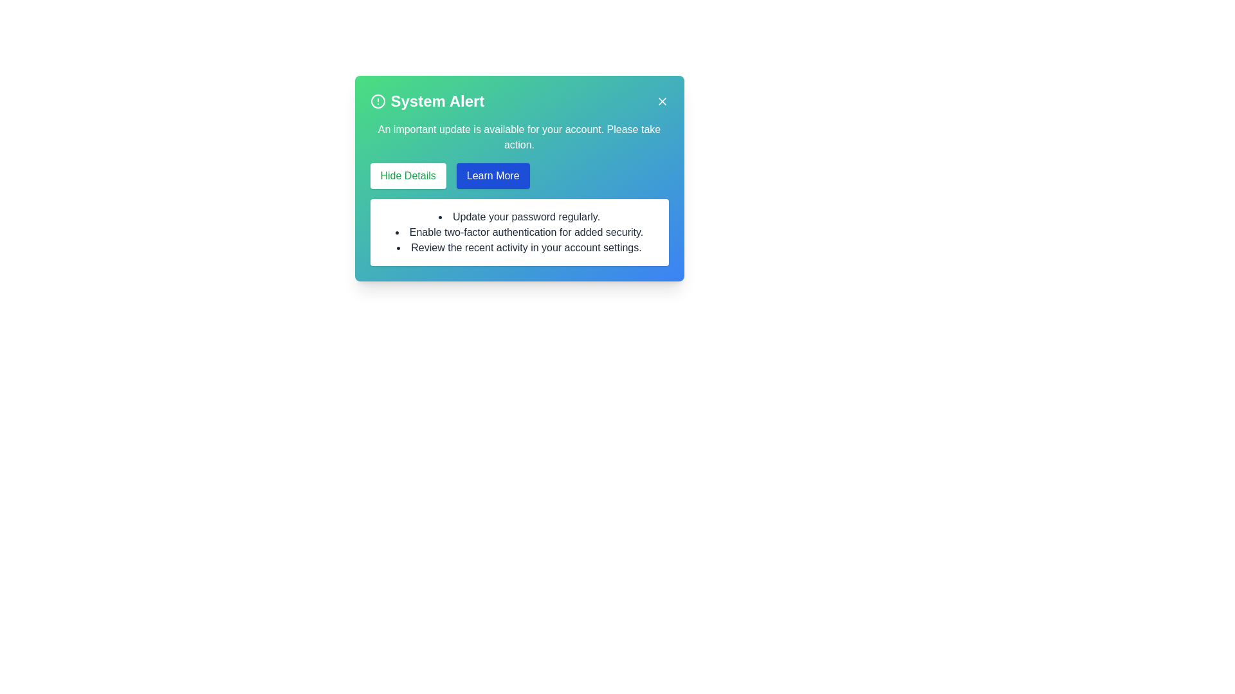 The width and height of the screenshot is (1235, 694). What do you see at coordinates (377, 101) in the screenshot?
I see `the circular icon with a green background located in the alert message header, to the left of the text 'System Alert', to understand its contextual meaning` at bounding box center [377, 101].